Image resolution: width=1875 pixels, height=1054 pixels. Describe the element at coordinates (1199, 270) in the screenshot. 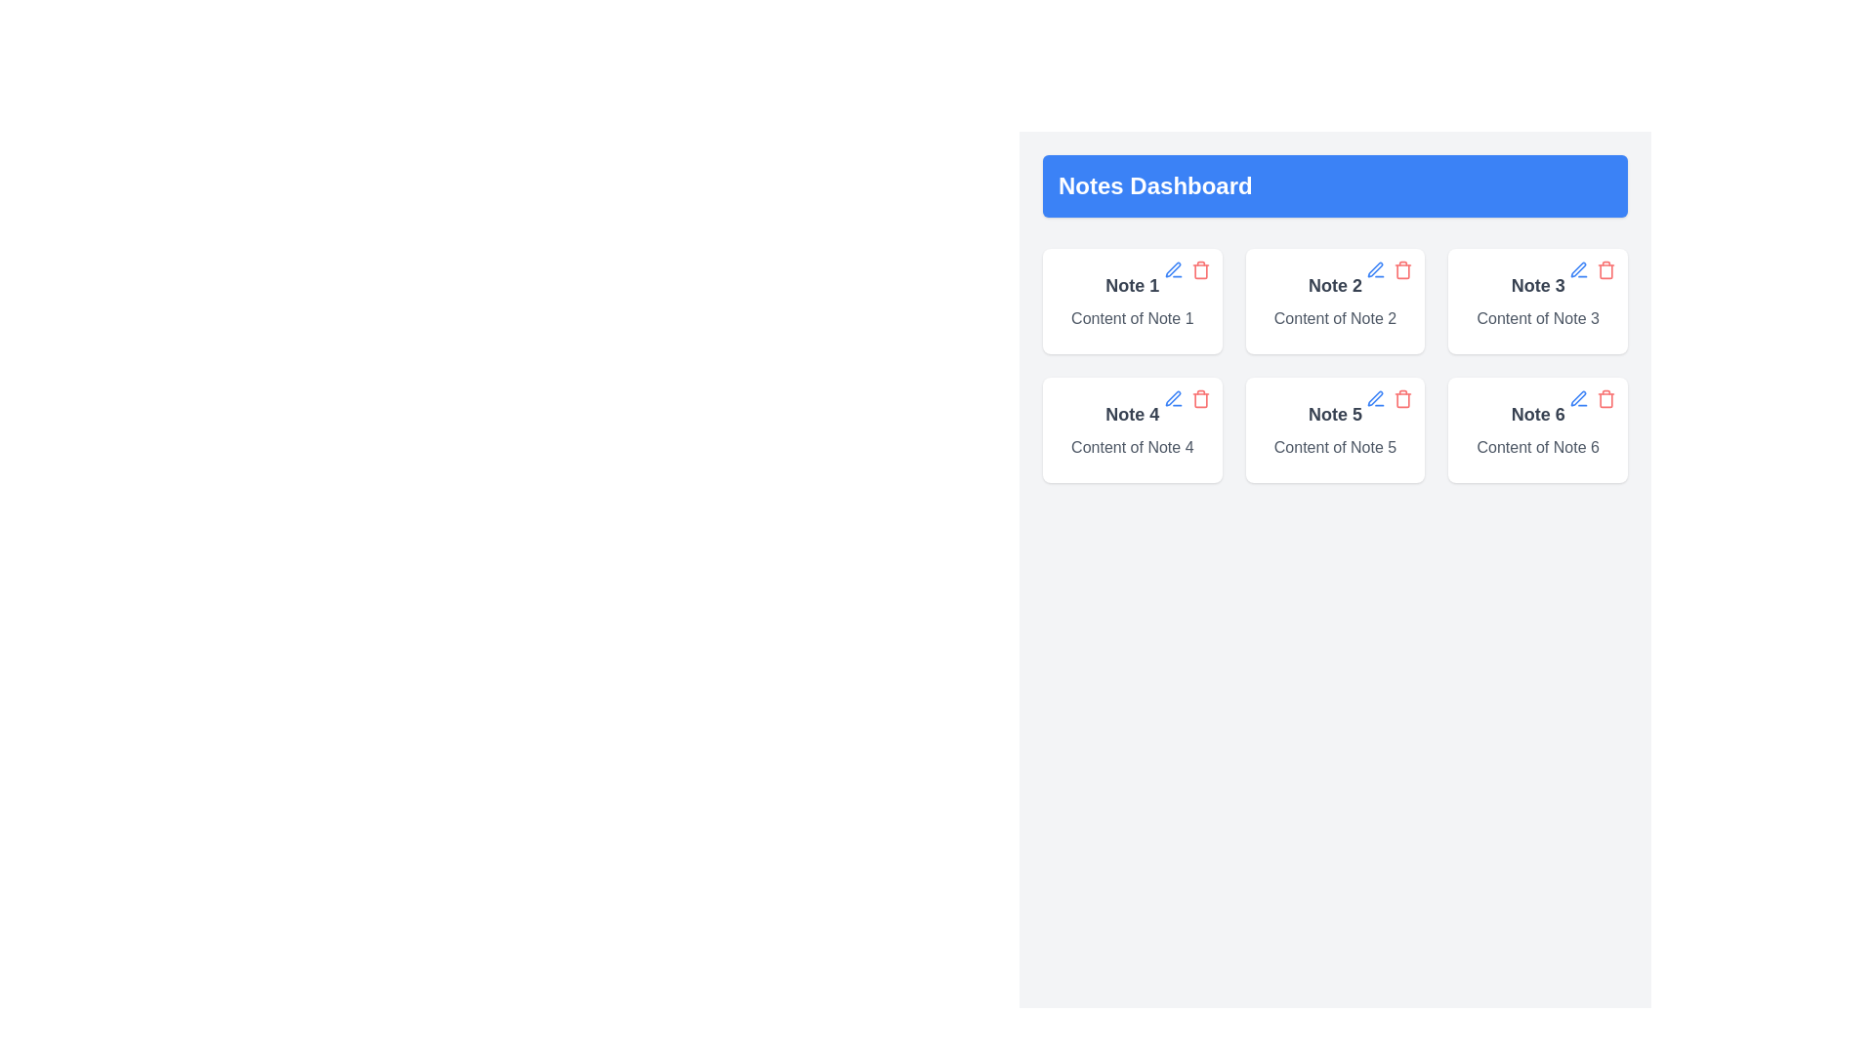

I see `the delete button located at the top-right corner of the individual note card in the Notes Dashboard by` at that location.